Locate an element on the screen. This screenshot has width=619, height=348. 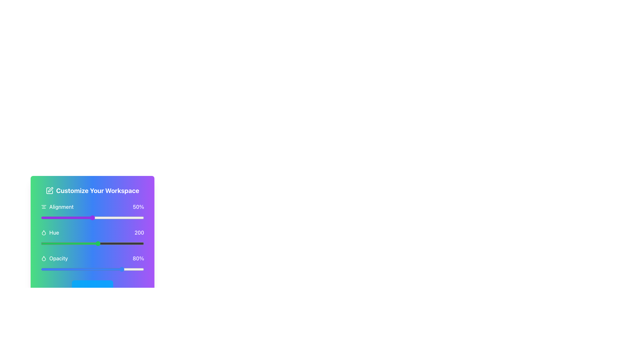
the opacity slider is located at coordinates (96, 269).